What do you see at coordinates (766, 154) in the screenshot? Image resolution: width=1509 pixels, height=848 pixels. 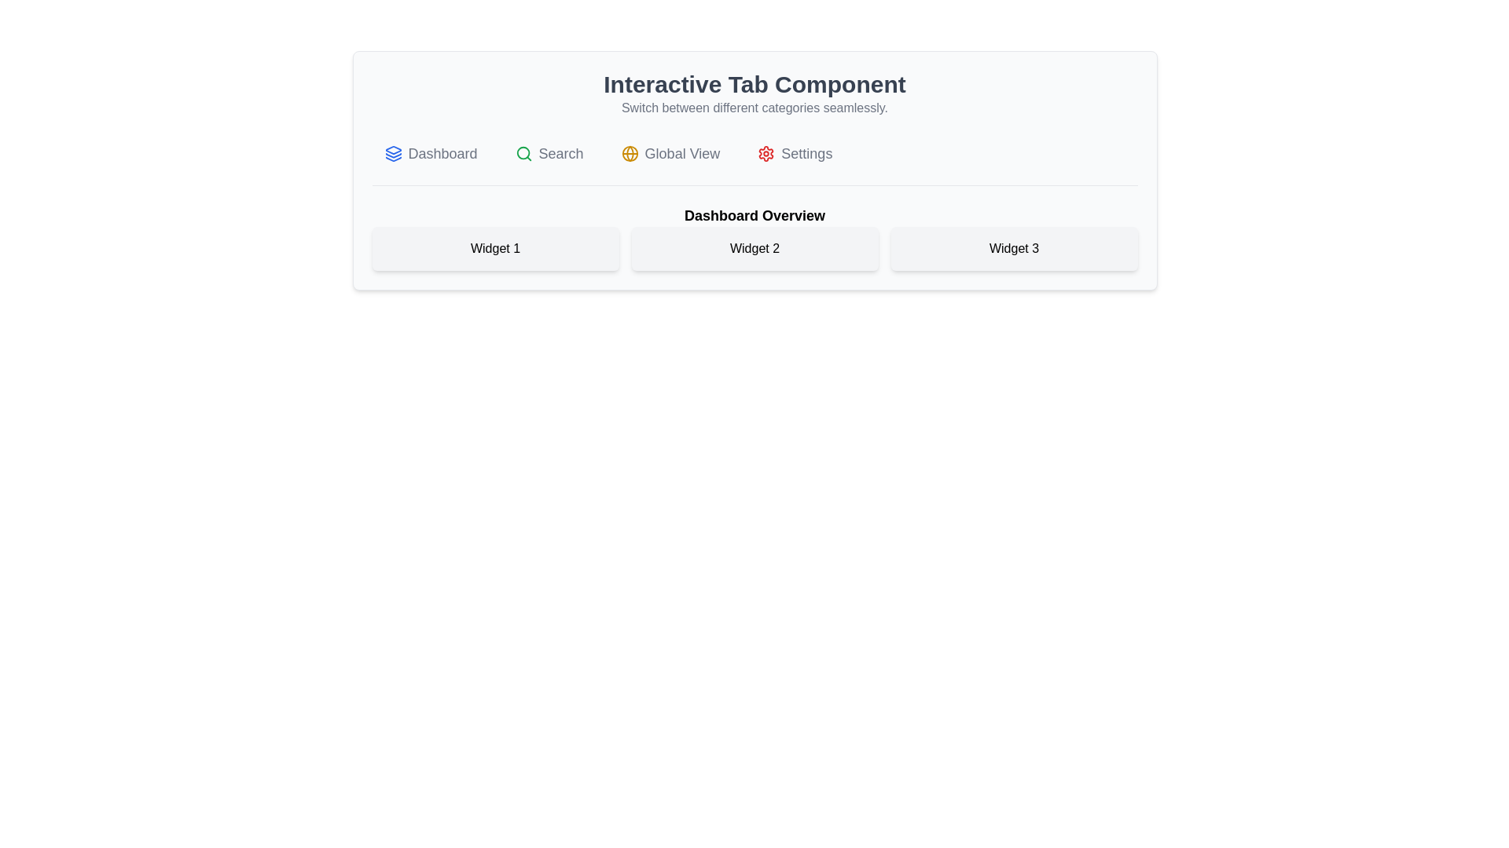 I see `the visual representation of the settings icon located in the navigation menu, which is positioned between the 'Global View' button and the 'Settings' label text` at bounding box center [766, 154].